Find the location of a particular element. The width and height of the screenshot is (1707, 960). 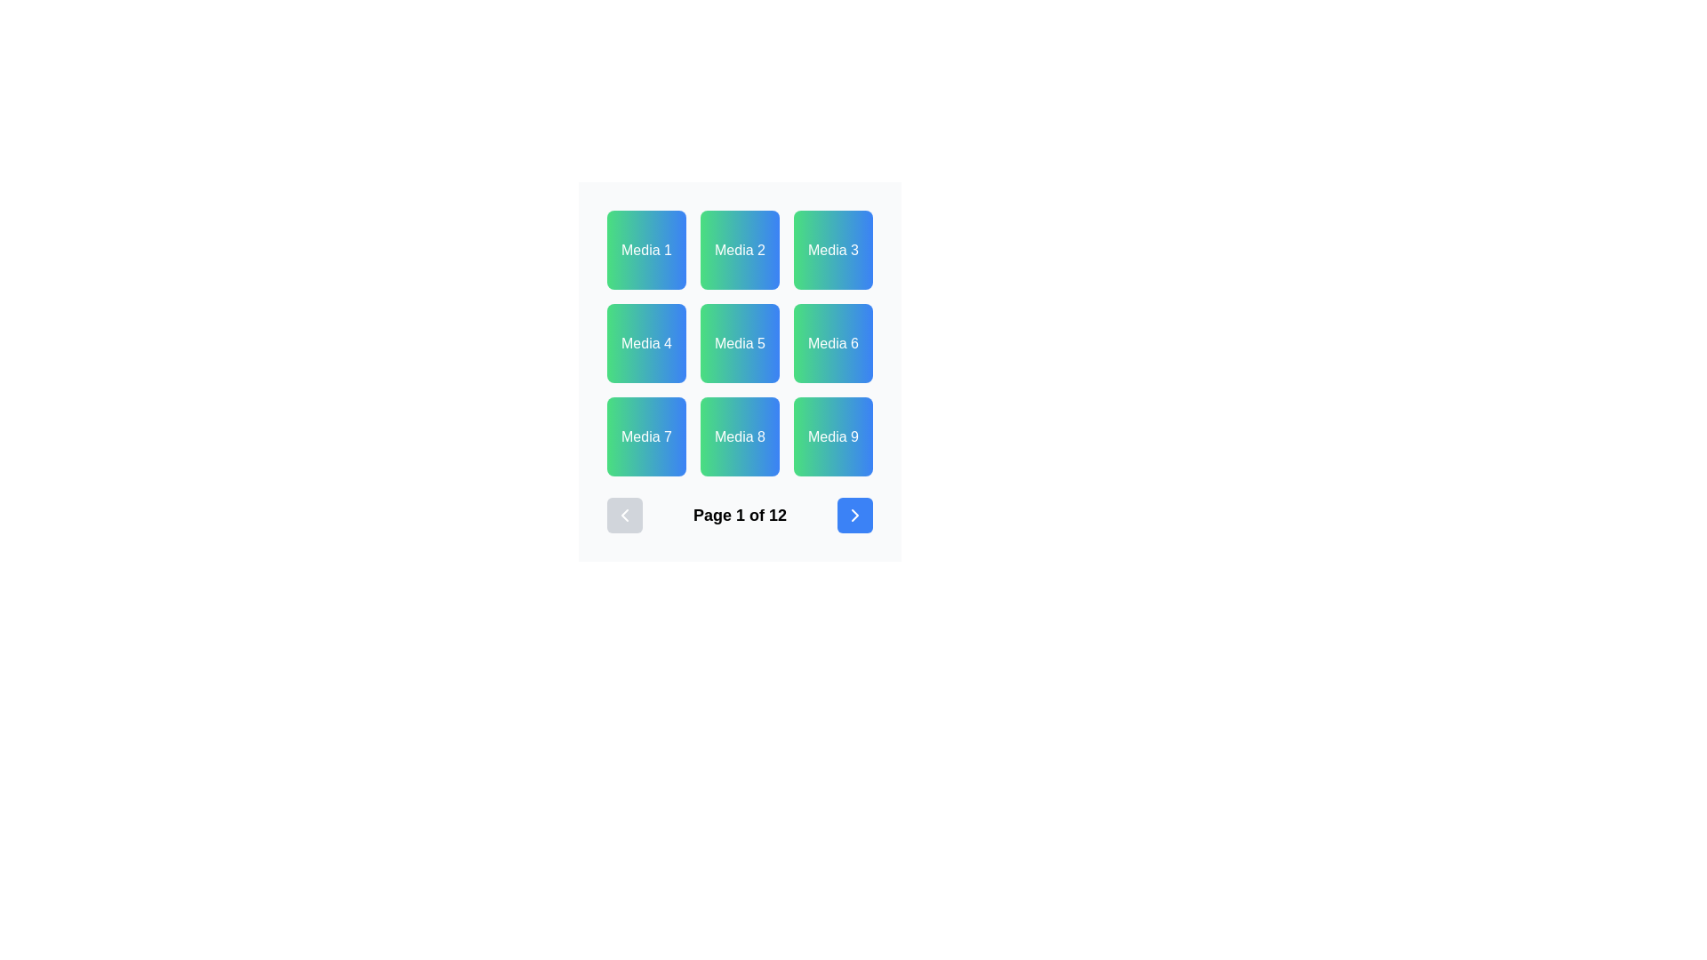

the small chevron-shaped right-pointing arrow icon with a blue background and white stroke located in the bottom right corner of the interface is located at coordinates (854, 515).